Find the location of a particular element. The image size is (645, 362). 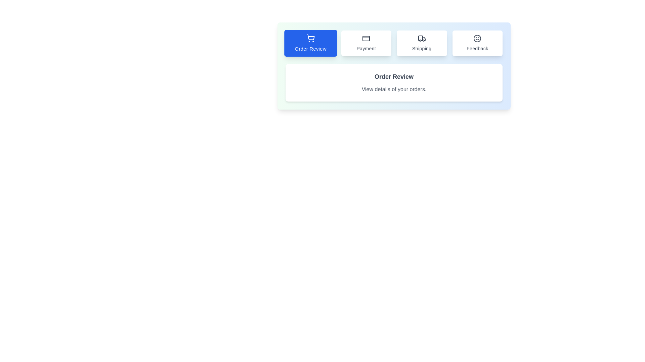

the inner rectangle of the 'Payment' icon, which is the second icon from the left in the navigation options is located at coordinates (366, 39).